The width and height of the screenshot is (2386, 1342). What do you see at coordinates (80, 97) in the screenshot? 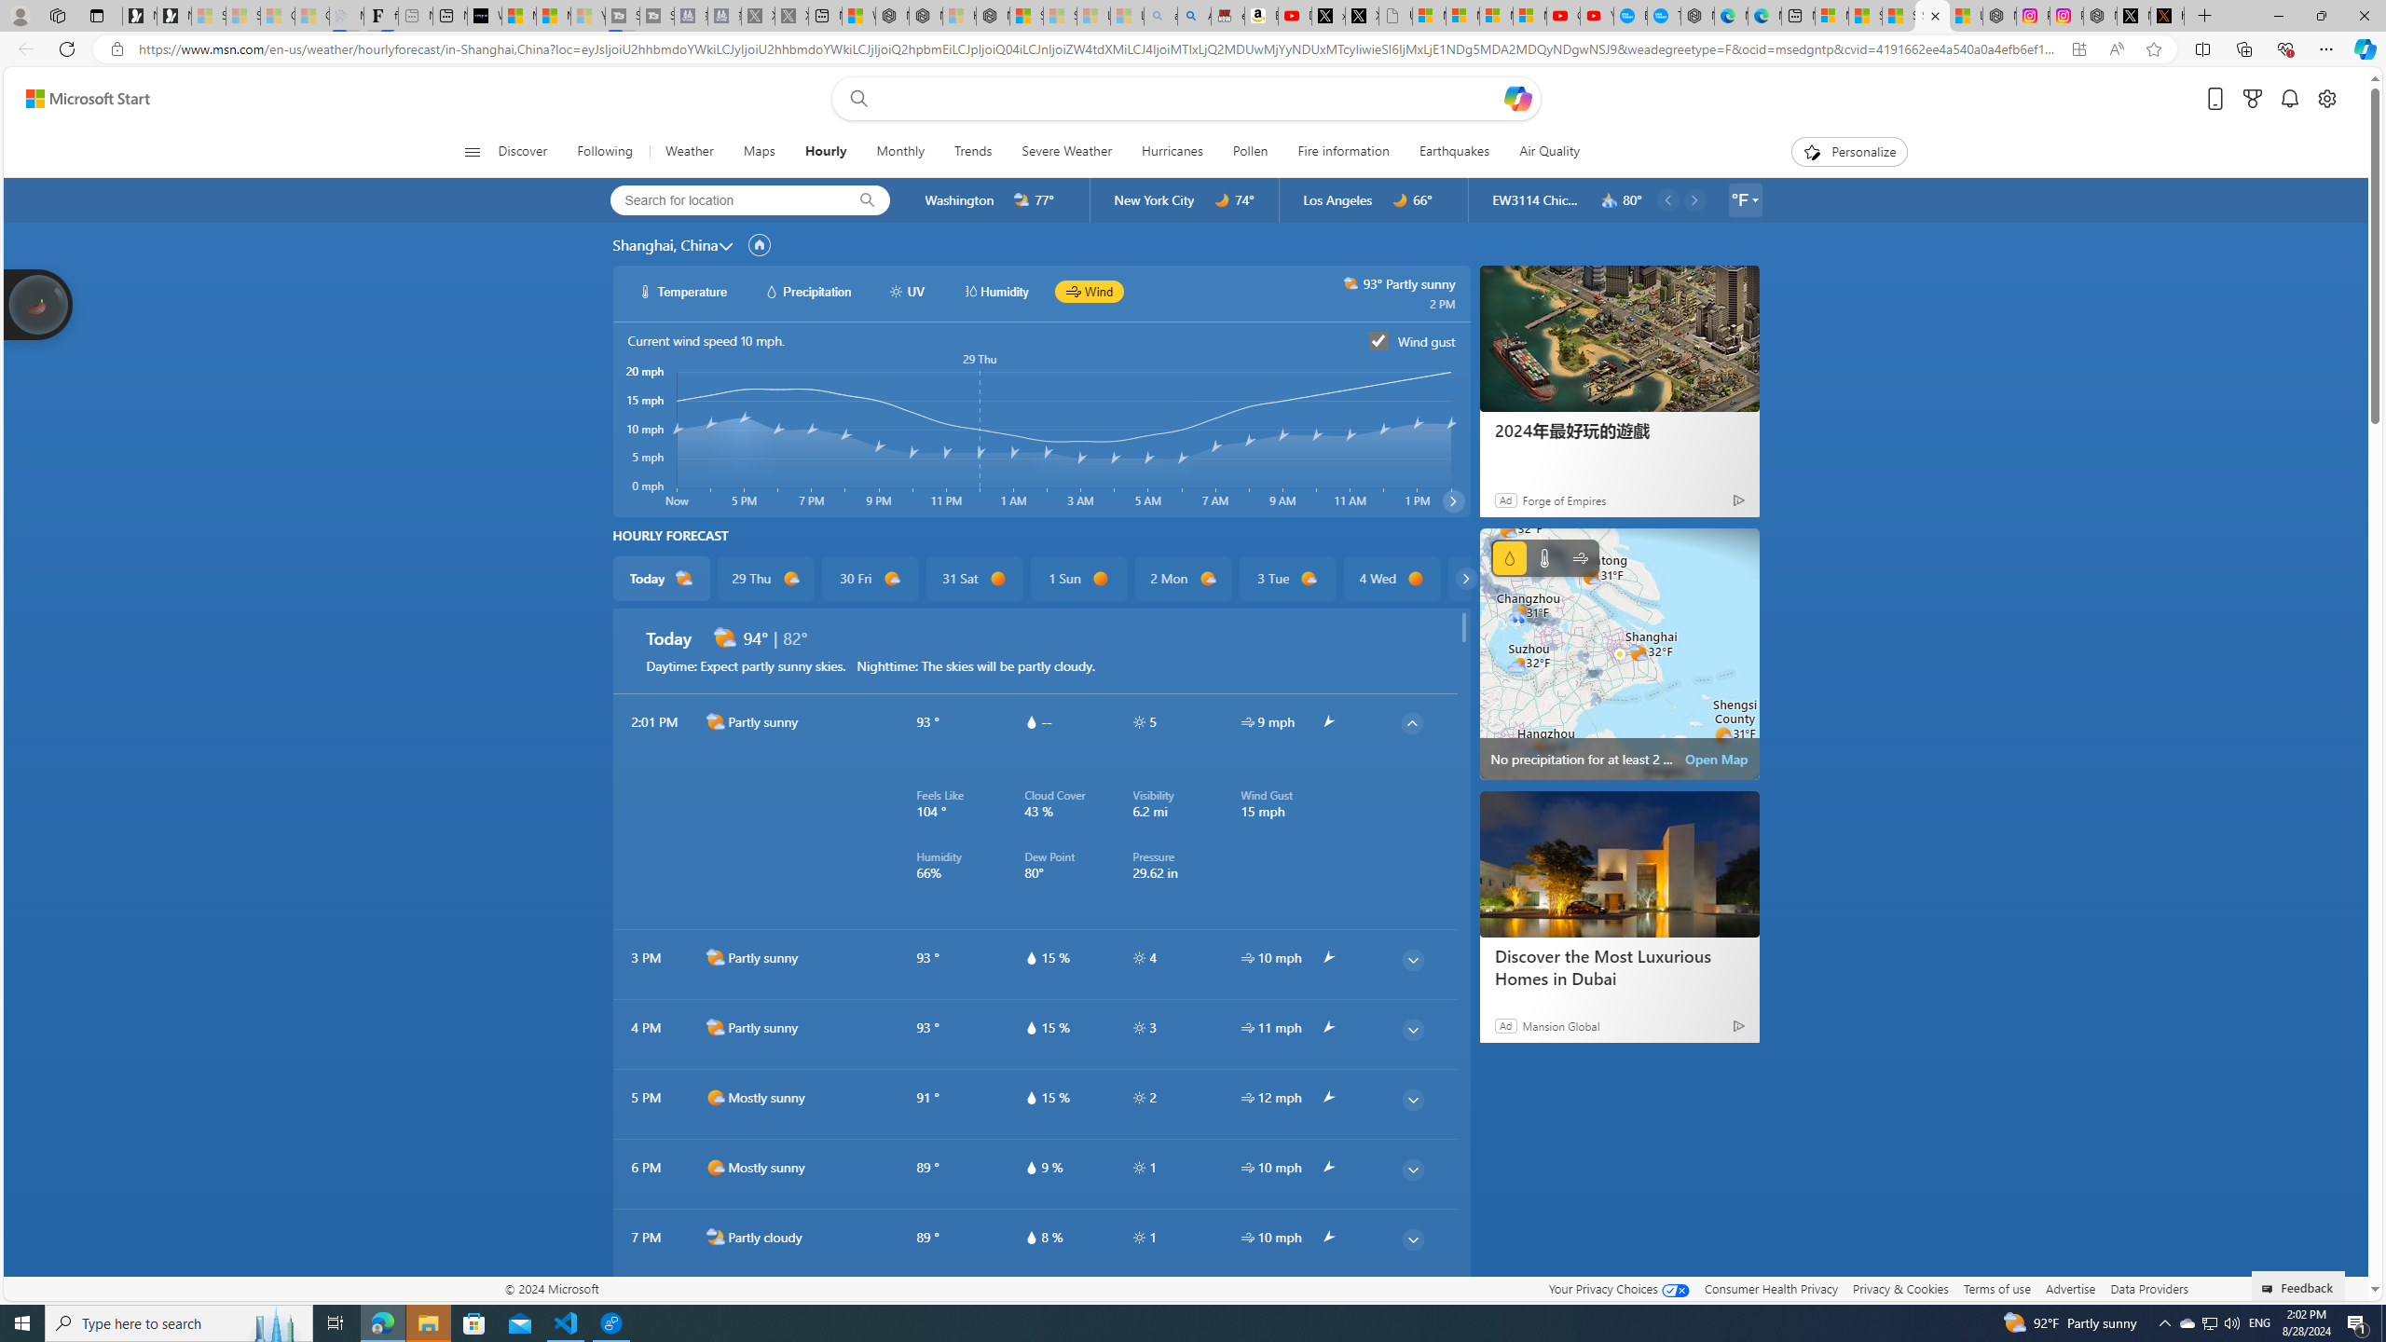
I see `'Skip to content'` at bounding box center [80, 97].